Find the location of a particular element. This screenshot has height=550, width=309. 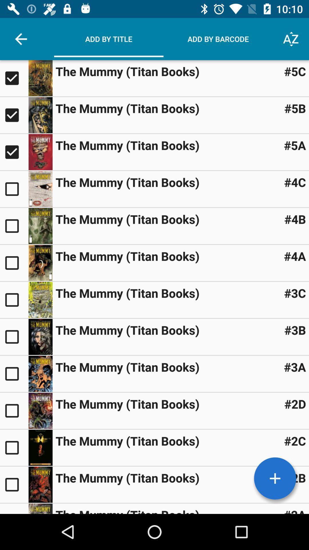

option is located at coordinates (14, 262).